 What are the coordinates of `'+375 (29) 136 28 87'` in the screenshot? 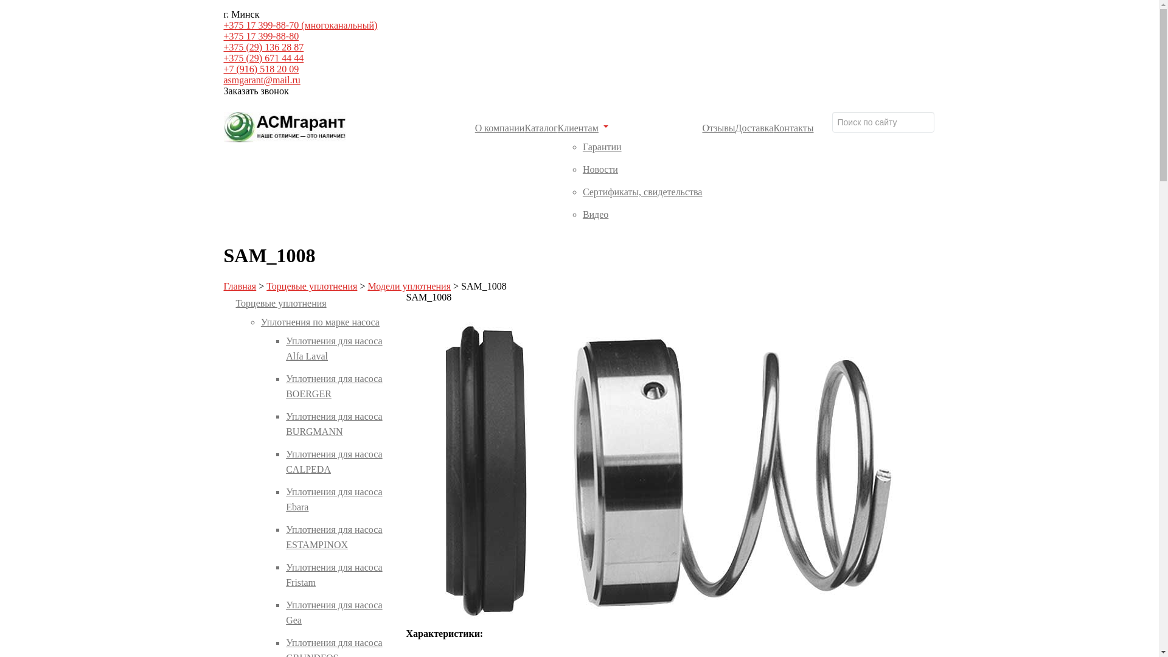 It's located at (263, 46).